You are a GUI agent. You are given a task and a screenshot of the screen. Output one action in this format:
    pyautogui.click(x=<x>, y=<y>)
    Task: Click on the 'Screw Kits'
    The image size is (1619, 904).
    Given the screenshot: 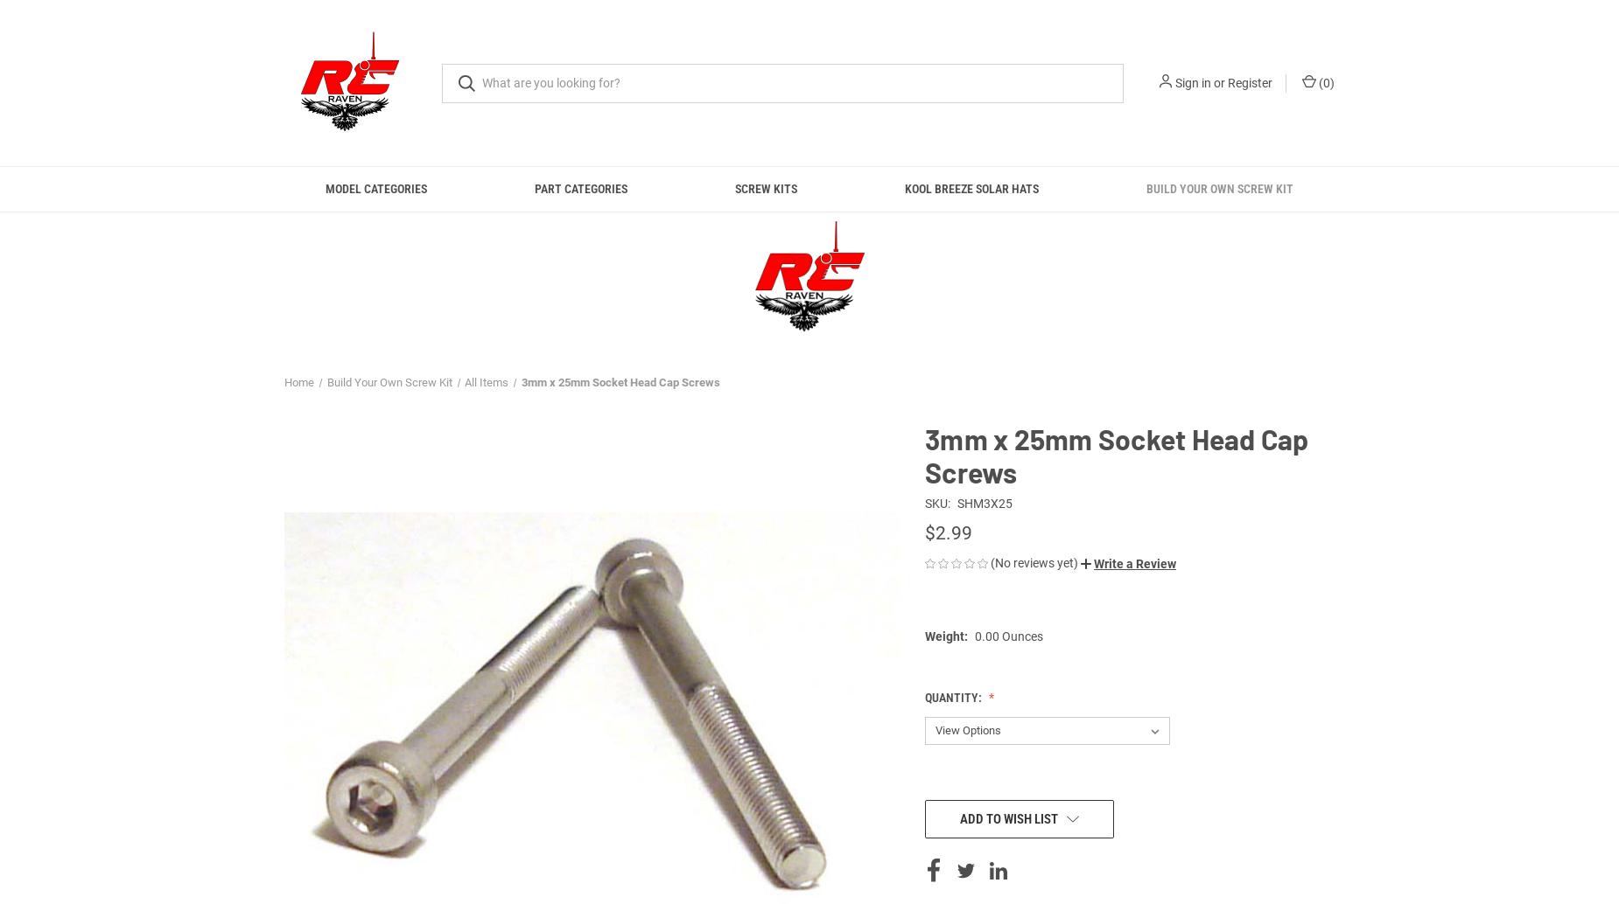 What is the action you would take?
    pyautogui.click(x=766, y=189)
    